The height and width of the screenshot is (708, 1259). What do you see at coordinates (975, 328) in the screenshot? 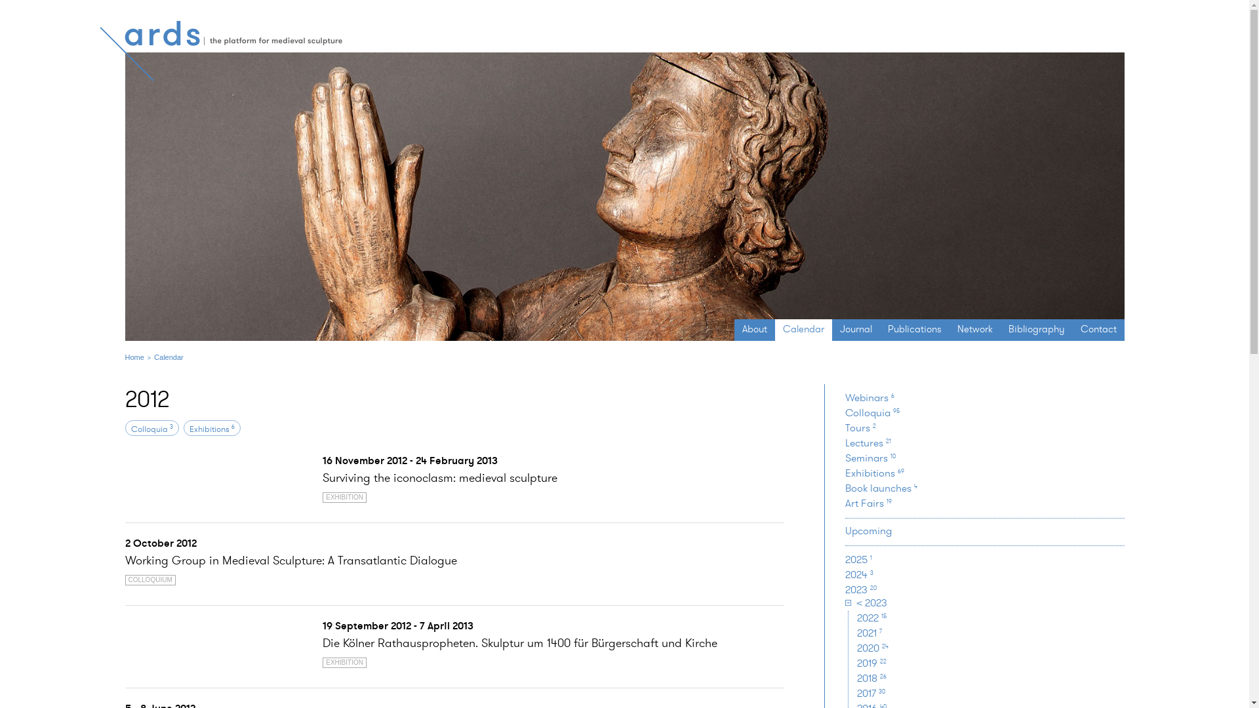
I see `'Network'` at bounding box center [975, 328].